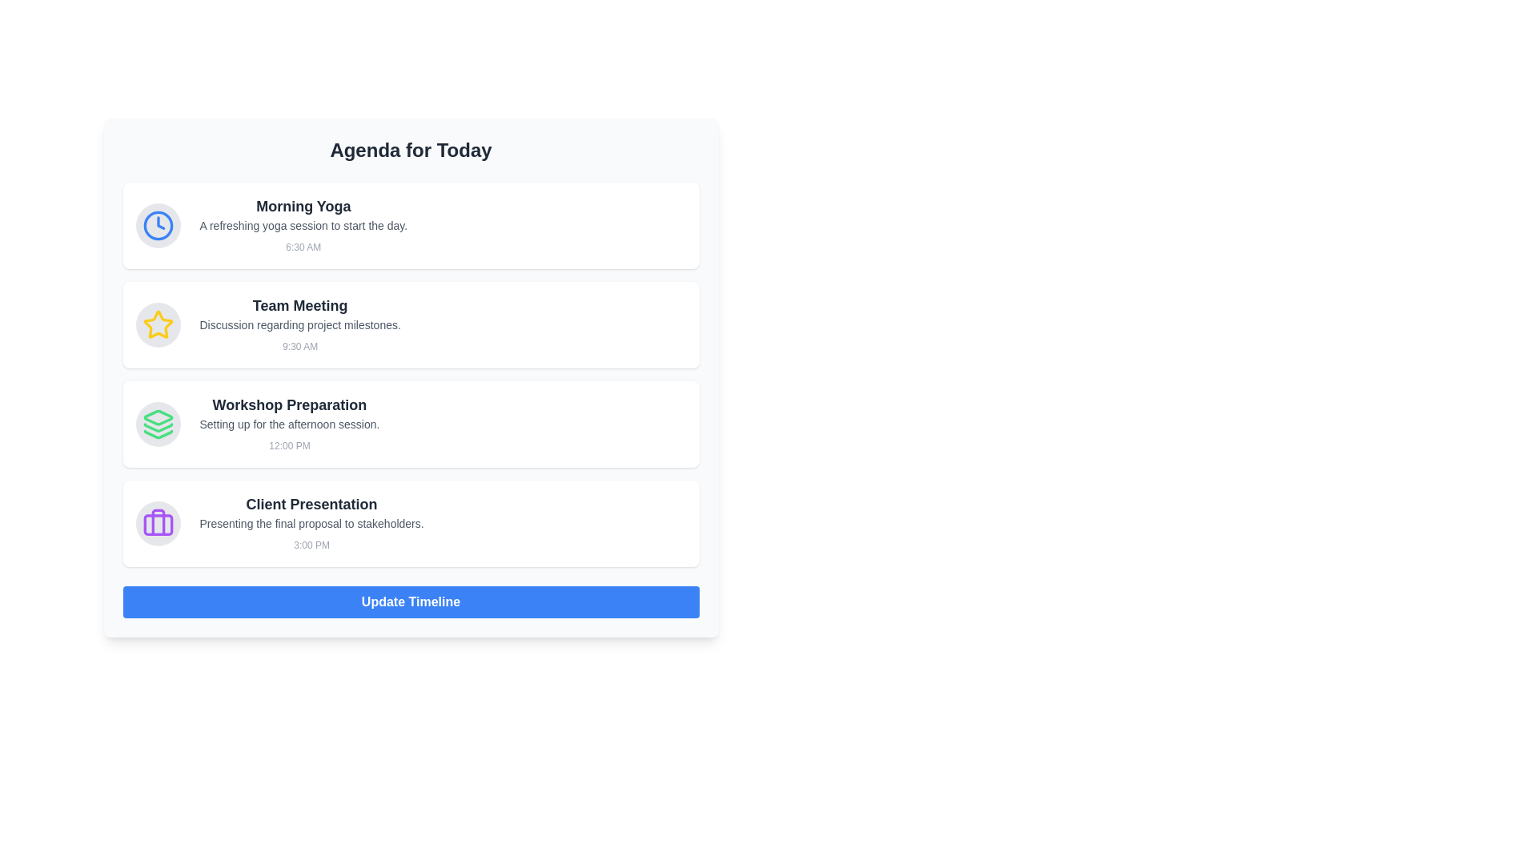 This screenshot has height=865, width=1537. Describe the element at coordinates (158, 324) in the screenshot. I see `the visual identifier icon for the 'Team Meeting' agenda item, which is centrally aligned with its text description` at that location.